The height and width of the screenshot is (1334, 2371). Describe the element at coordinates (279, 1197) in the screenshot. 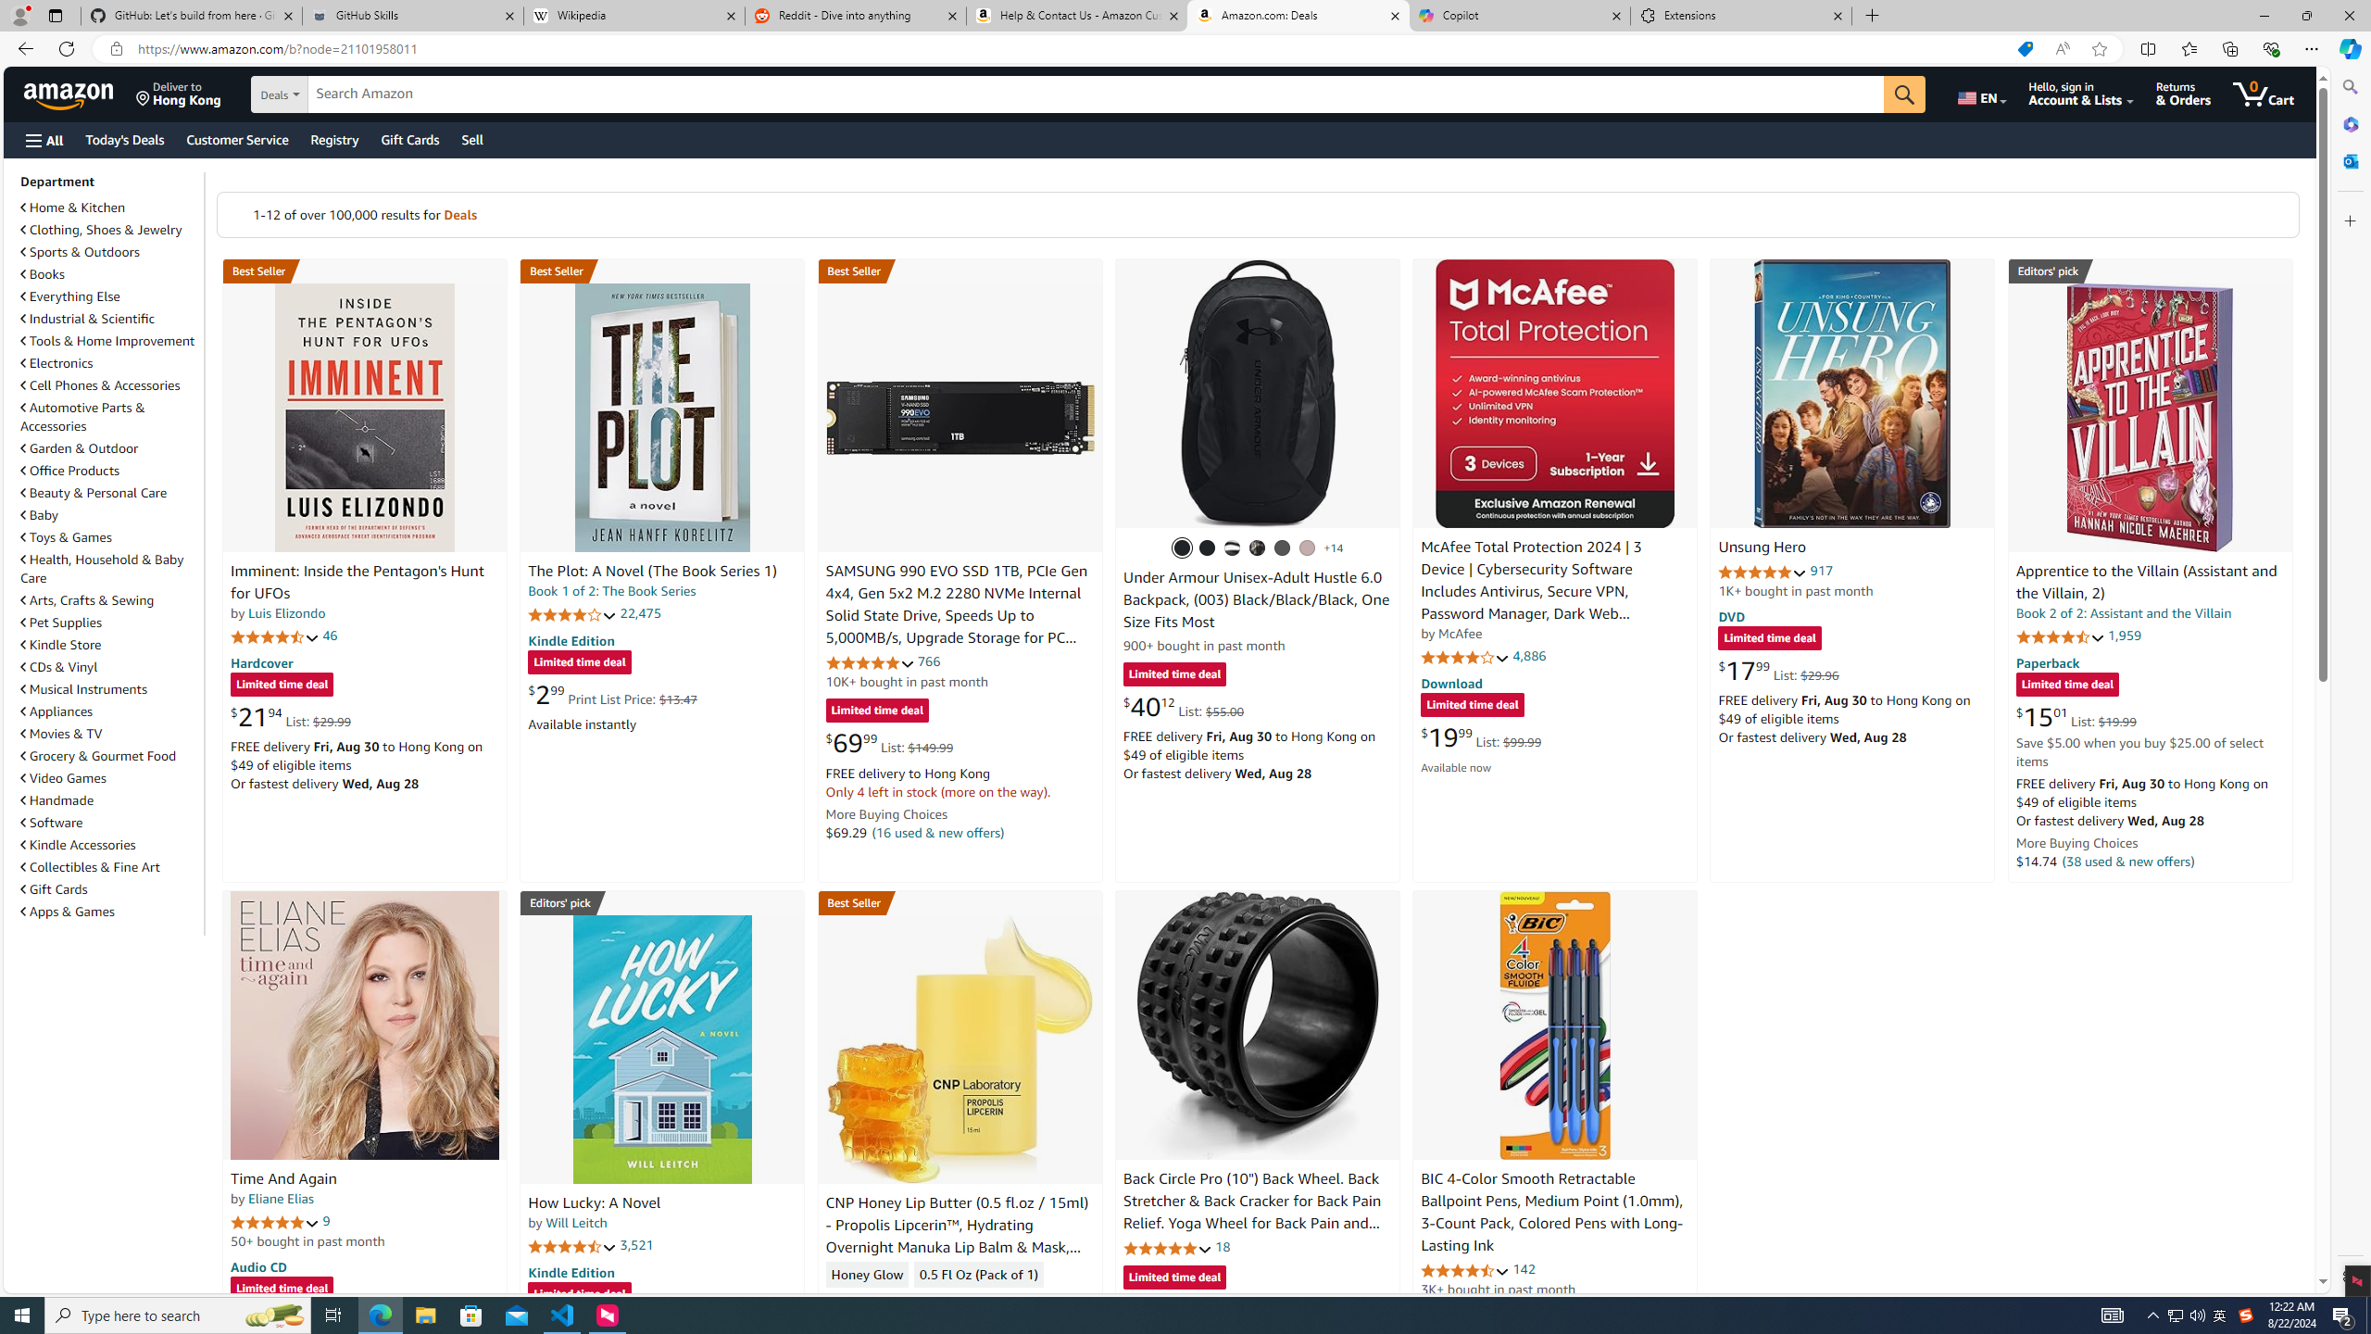

I see `'Eliane Elias'` at that location.